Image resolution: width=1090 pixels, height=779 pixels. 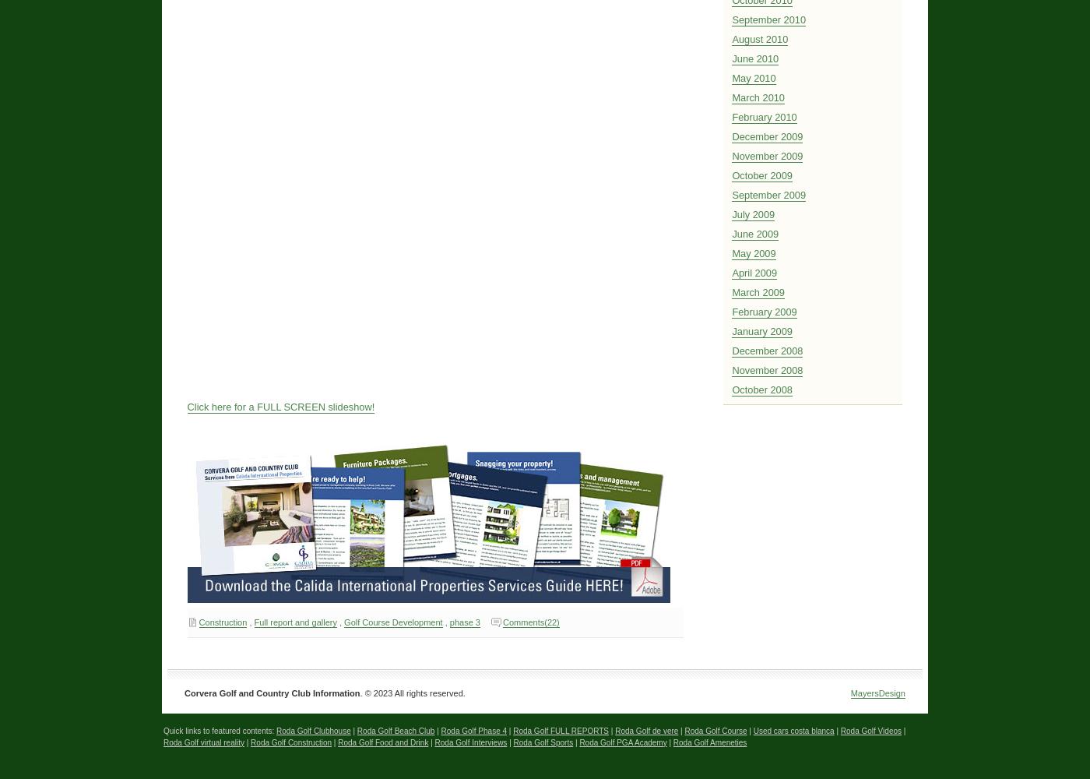 What do you see at coordinates (757, 97) in the screenshot?
I see `'March 2010'` at bounding box center [757, 97].